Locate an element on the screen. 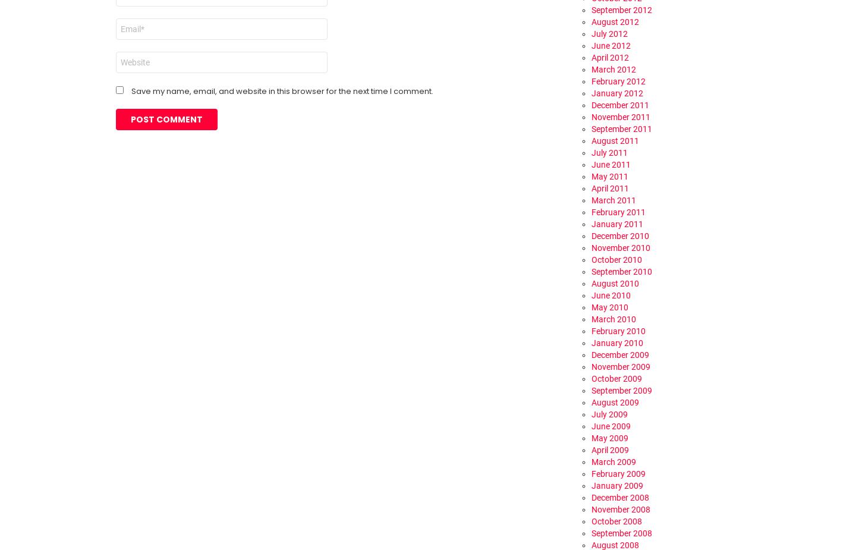  'March 2010' is located at coordinates (614, 319).